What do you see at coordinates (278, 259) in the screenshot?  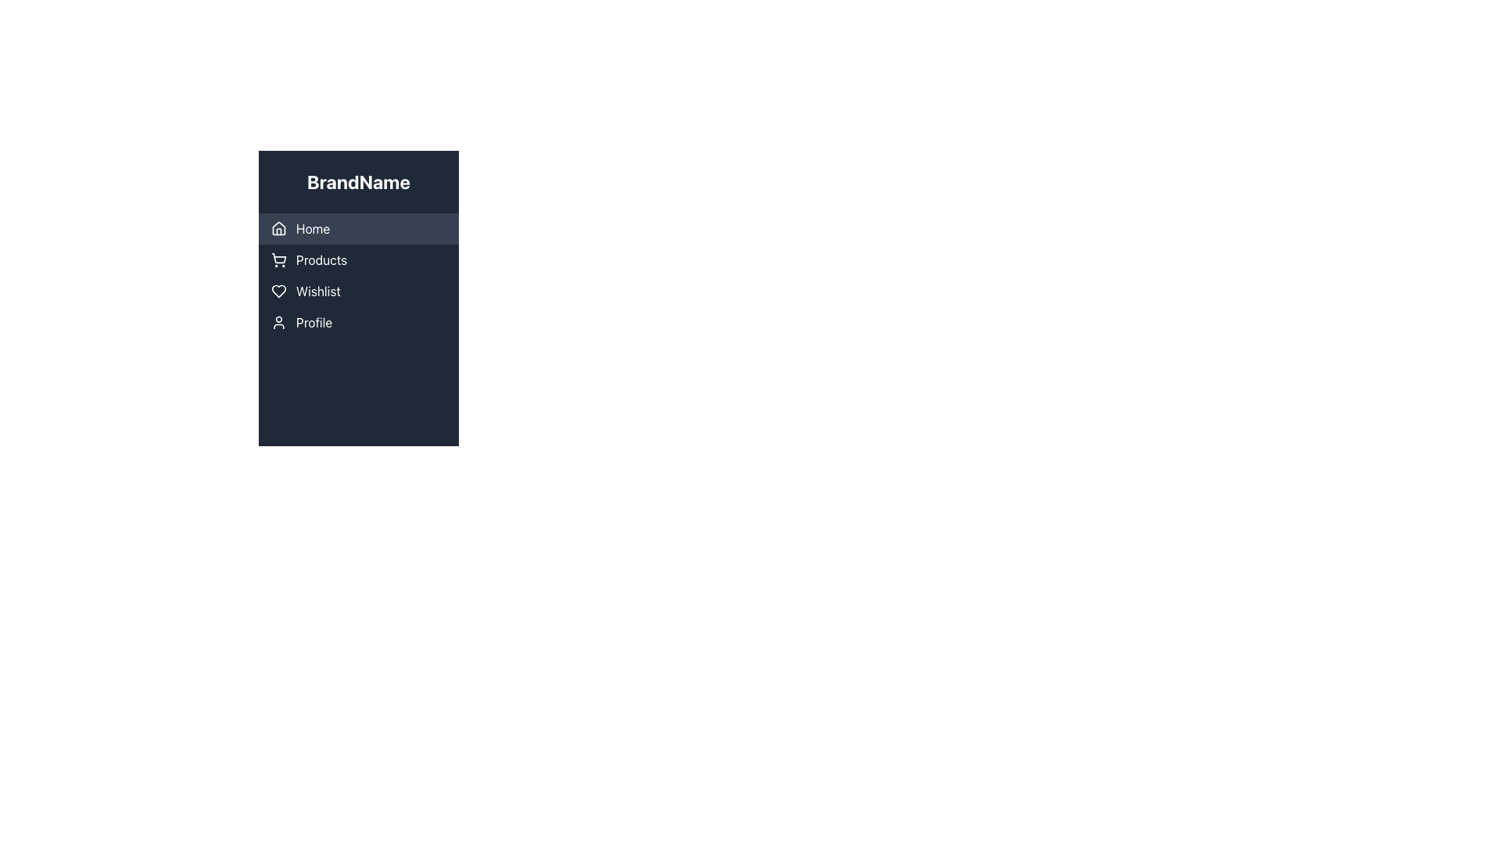 I see `the shopping cart icon, which is the leftmost element in the horizontal layout row labeled 'Products' in the vertical navigational menu` at bounding box center [278, 259].